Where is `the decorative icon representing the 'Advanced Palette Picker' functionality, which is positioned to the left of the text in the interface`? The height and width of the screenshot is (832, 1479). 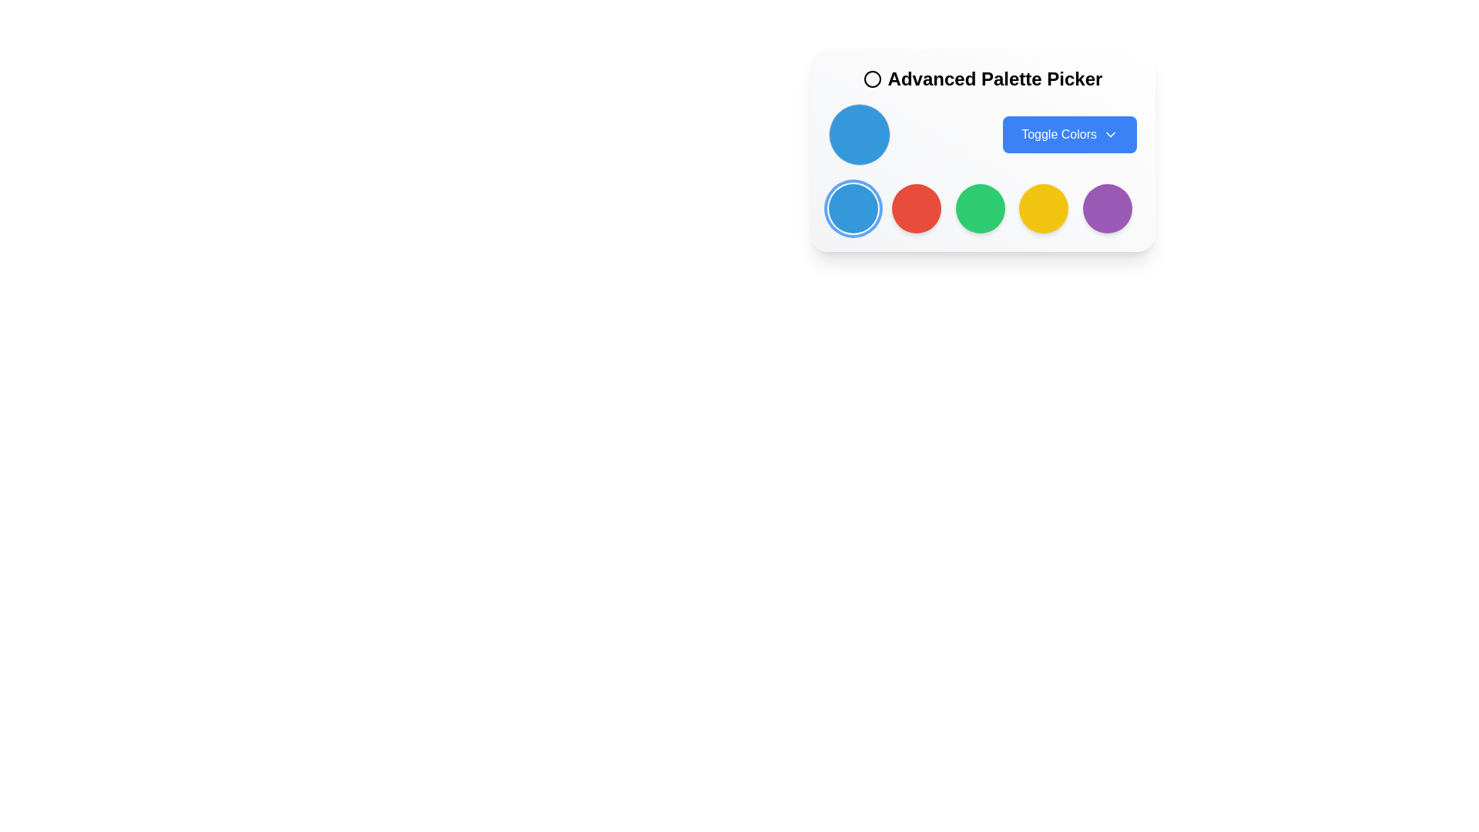 the decorative icon representing the 'Advanced Palette Picker' functionality, which is positioned to the left of the text in the interface is located at coordinates (872, 79).